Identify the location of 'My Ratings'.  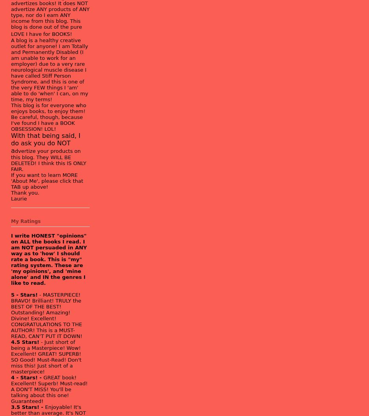
(25, 221).